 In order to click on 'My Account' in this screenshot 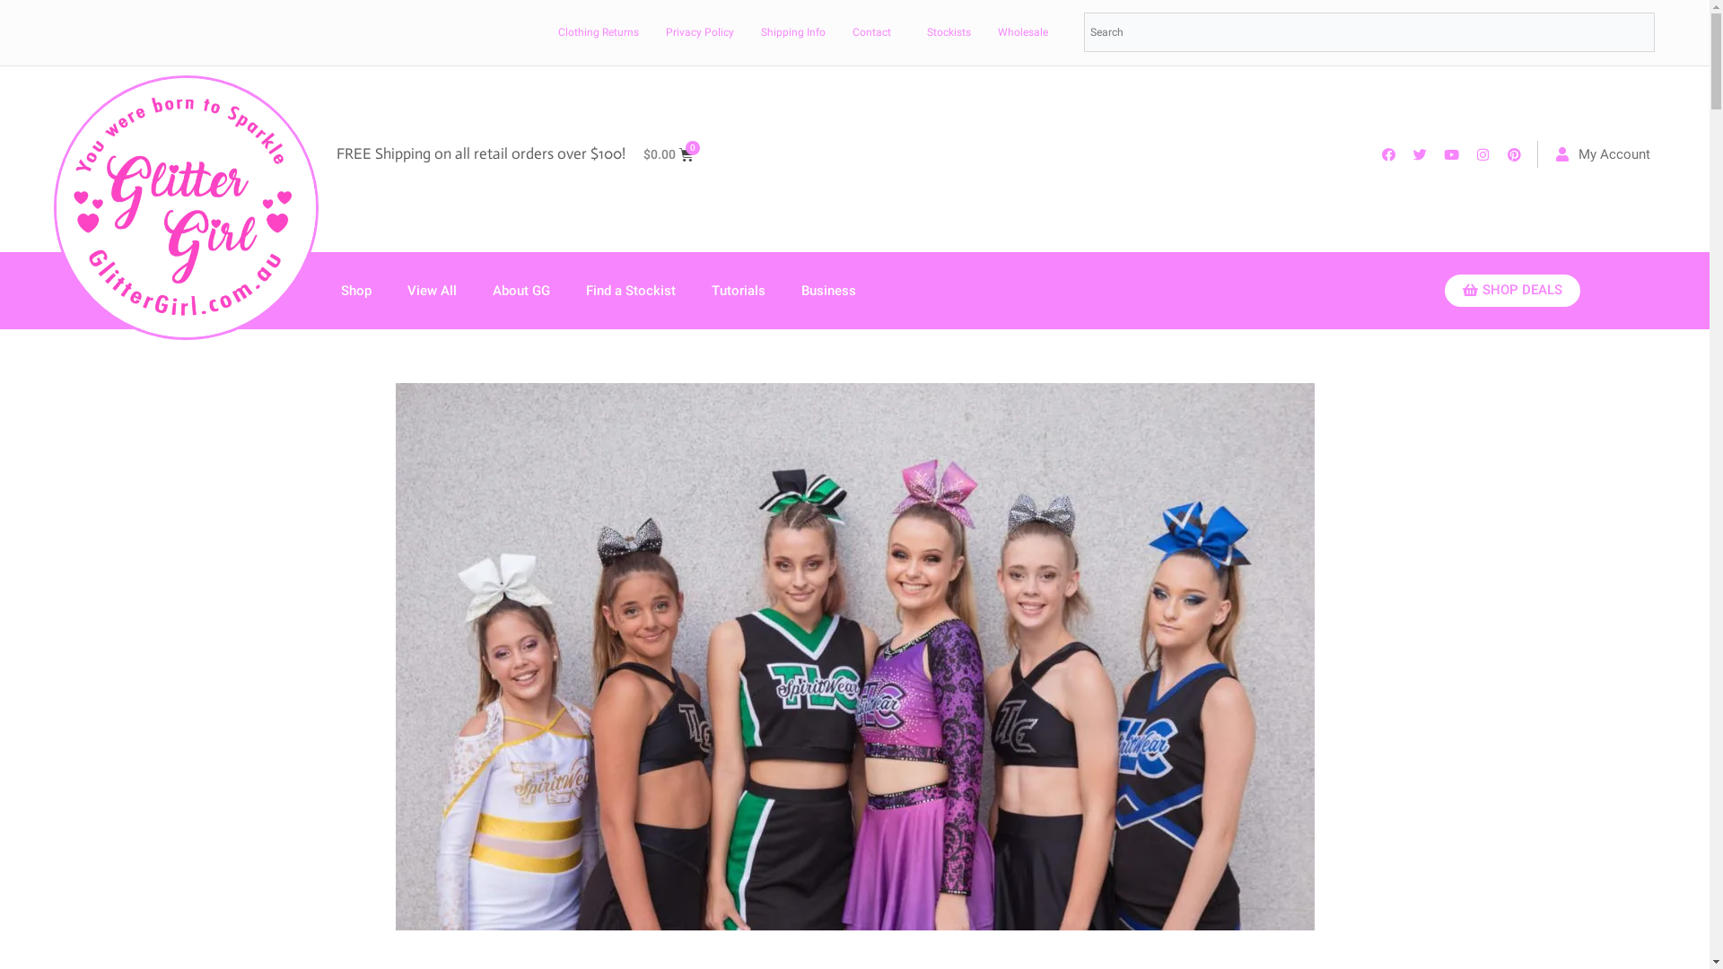, I will do `click(1603, 153)`.